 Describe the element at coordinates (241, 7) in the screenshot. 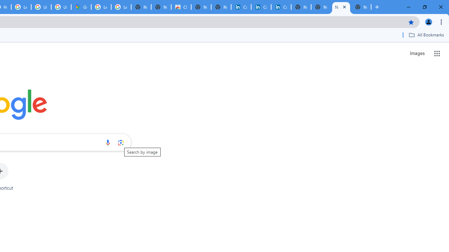

I see `'Cookie Policy | LinkedIn'` at that location.